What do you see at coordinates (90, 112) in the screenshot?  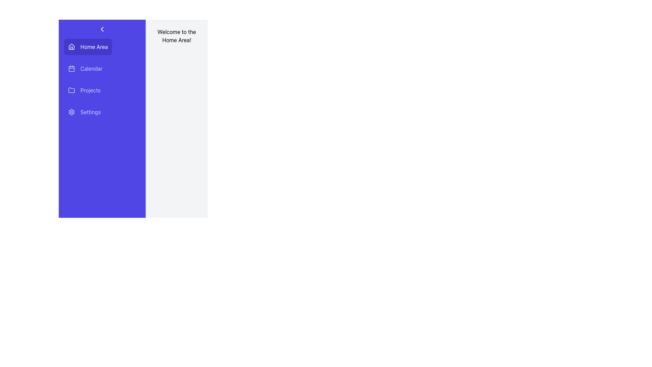 I see `the static text label for the settings navigation item located in the left navigation panel, which is the fourth option adjacent to the gear icon` at bounding box center [90, 112].